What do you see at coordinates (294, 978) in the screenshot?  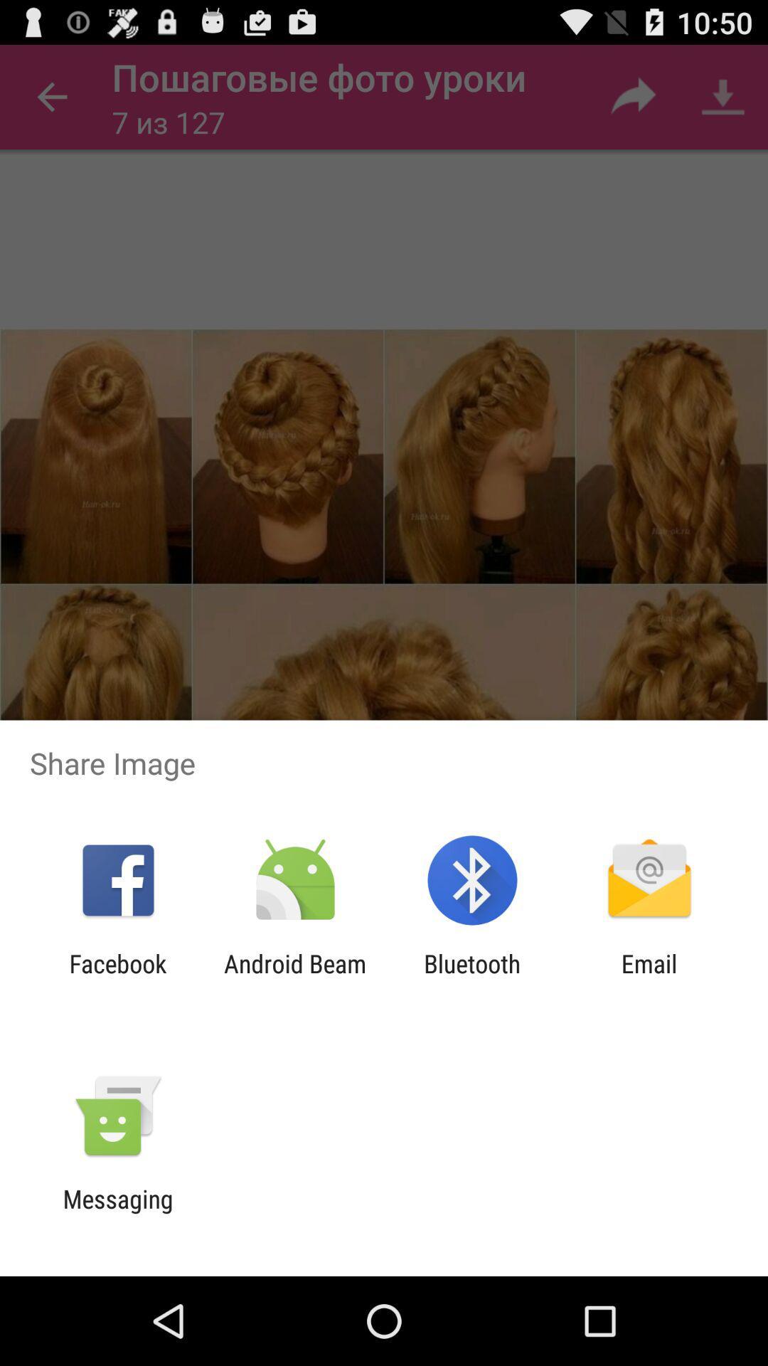 I see `item to the left of the bluetooth item` at bounding box center [294, 978].